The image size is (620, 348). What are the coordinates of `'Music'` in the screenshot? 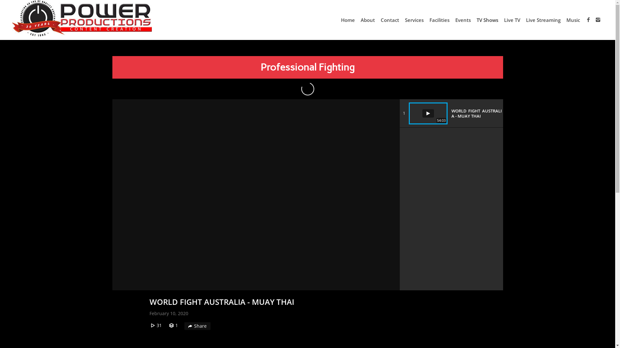 It's located at (573, 19).